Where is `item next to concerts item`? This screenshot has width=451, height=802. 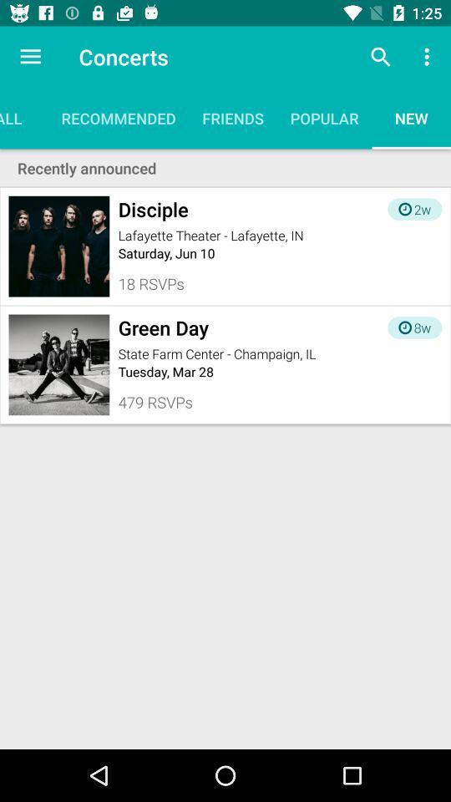
item next to concerts item is located at coordinates (30, 57).